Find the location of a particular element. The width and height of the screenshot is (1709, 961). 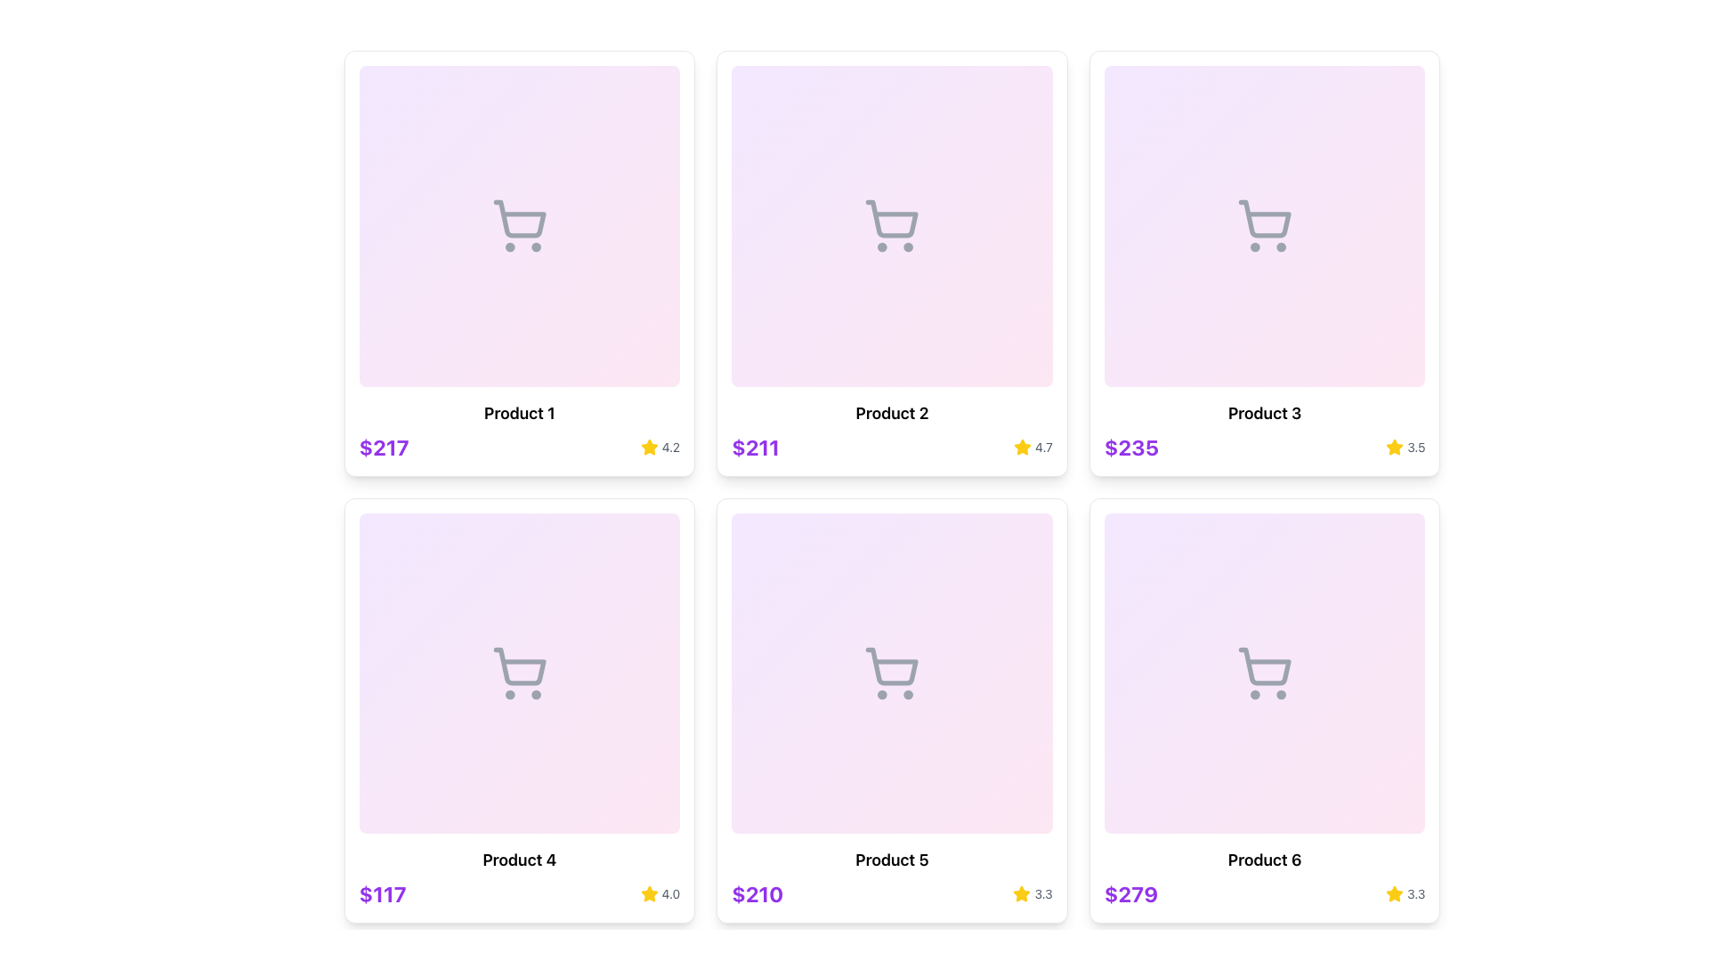

the yellow star icon indicating the rating or favorite marker for 'Product 3' located in the bottom-right corner of the card, adjacent to the text '3.5' is located at coordinates (1394, 446).